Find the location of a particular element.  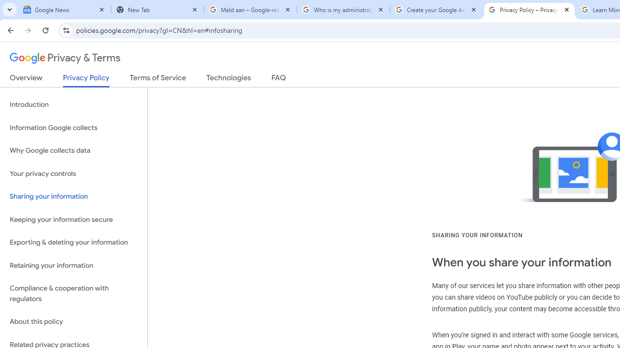

'Sharing your information' is located at coordinates (73, 196).